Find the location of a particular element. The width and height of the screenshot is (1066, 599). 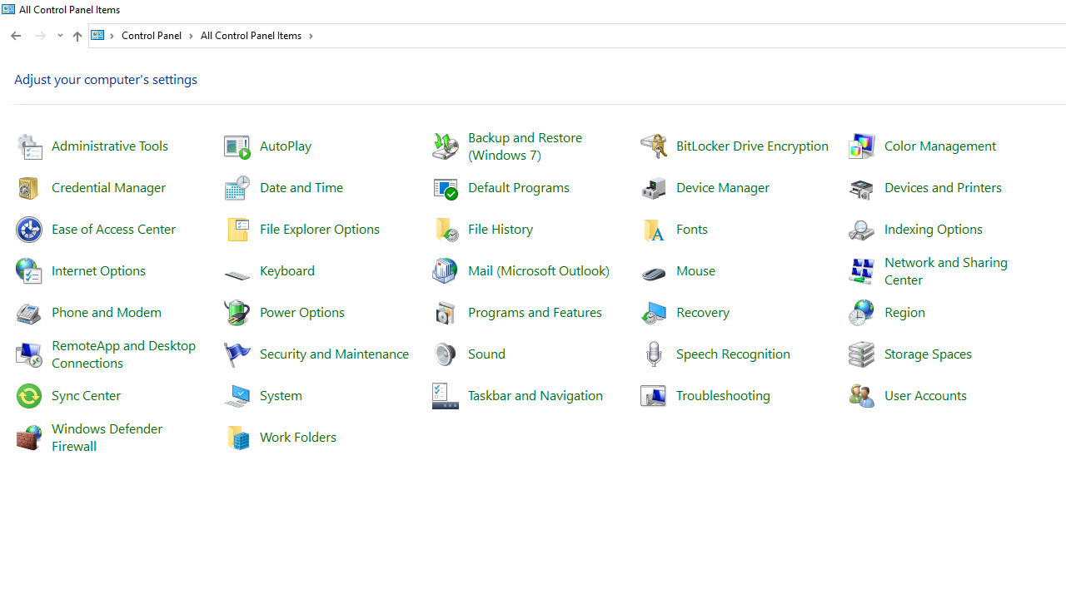

'Navigation buttons' is located at coordinates (35, 36).